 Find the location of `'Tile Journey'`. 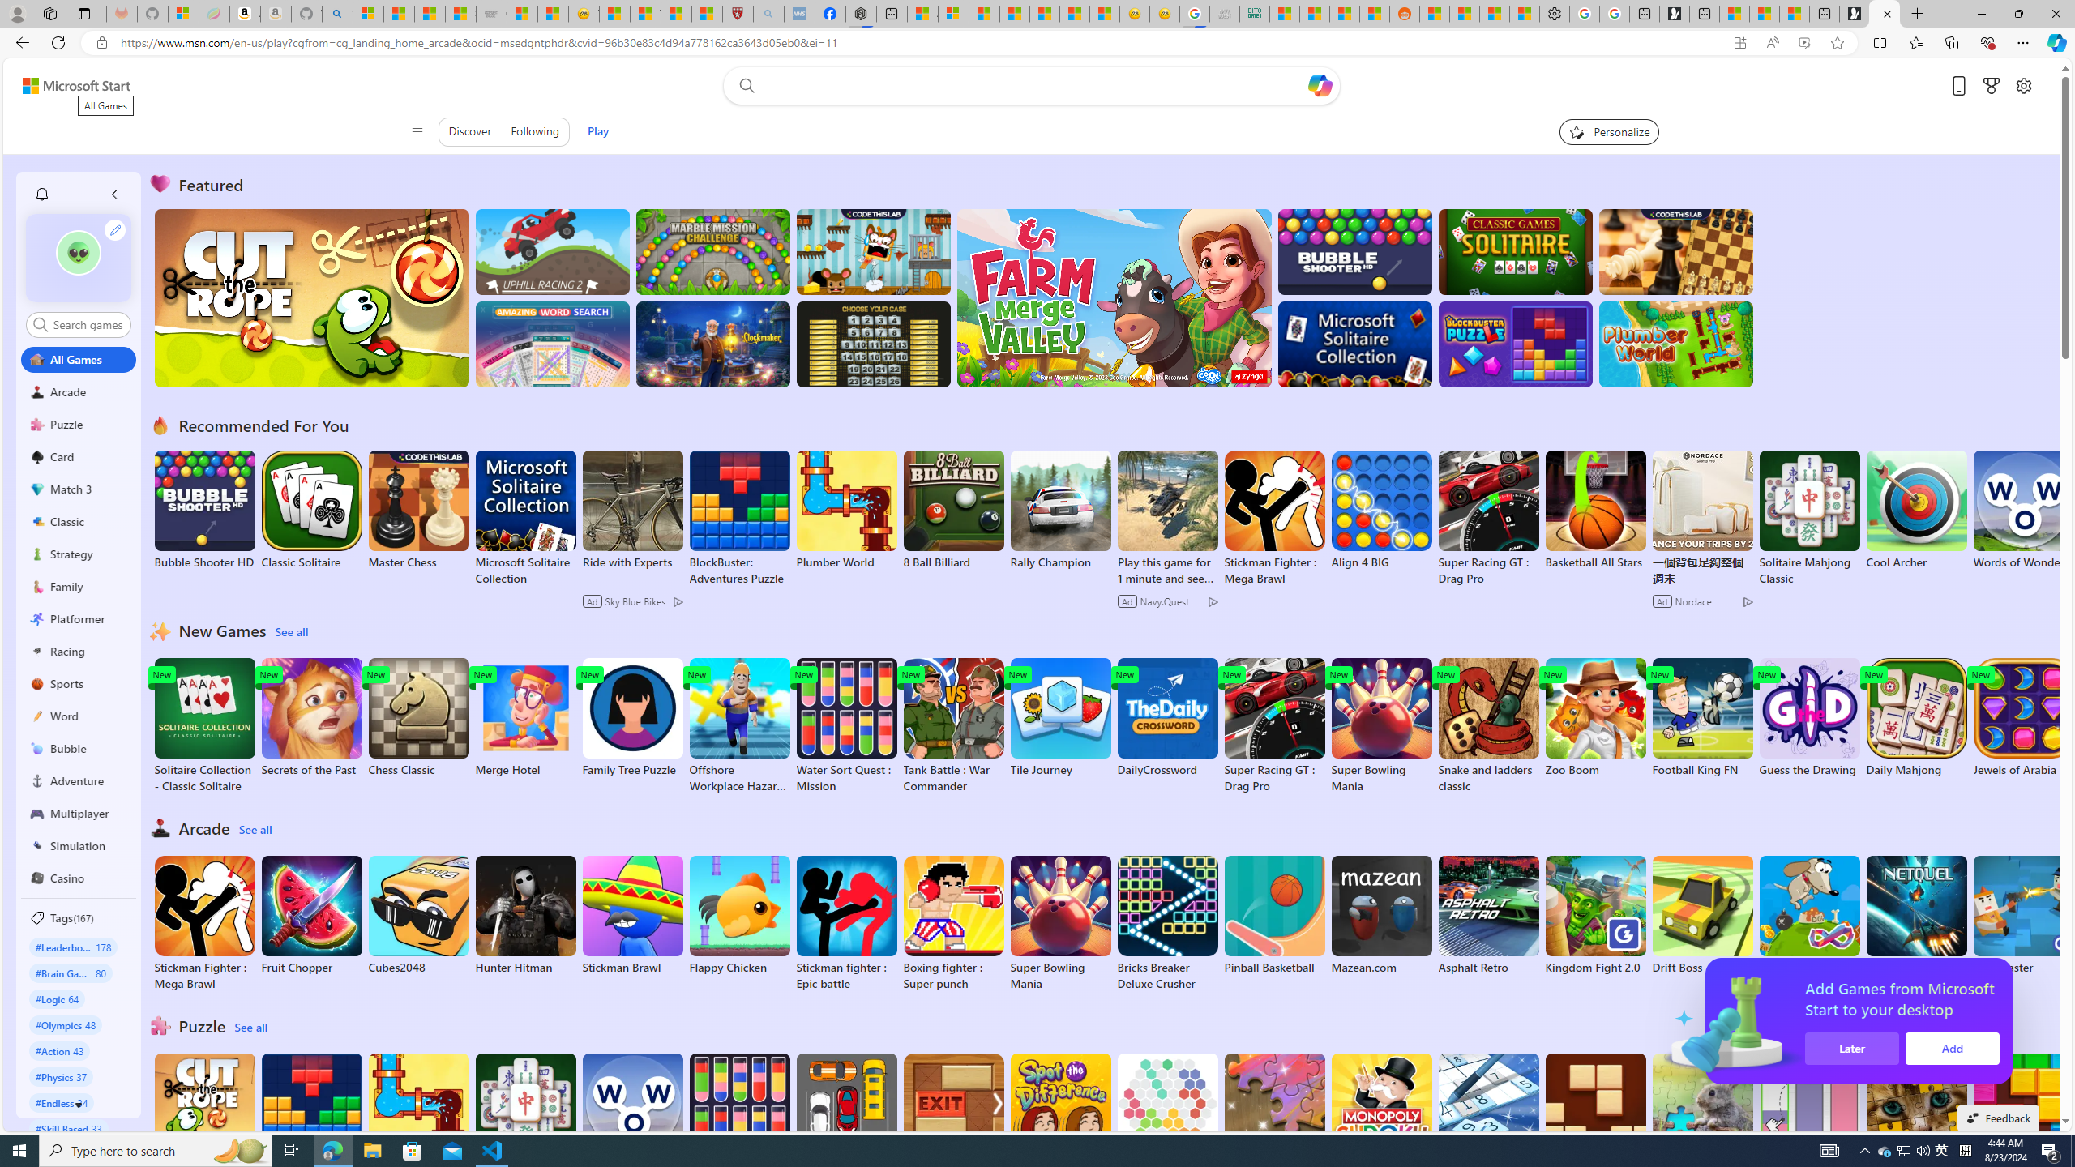

'Tile Journey' is located at coordinates (1060, 717).